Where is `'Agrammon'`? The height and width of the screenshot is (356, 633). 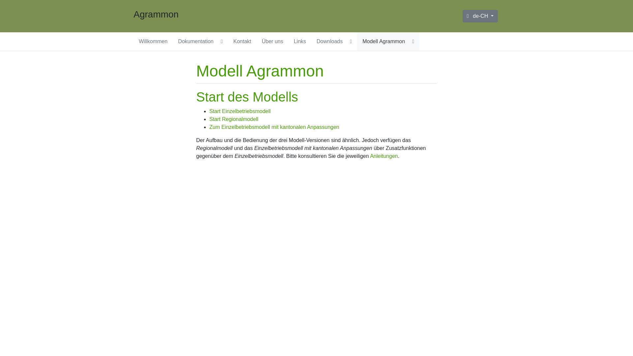
'Agrammon' is located at coordinates (156, 14).